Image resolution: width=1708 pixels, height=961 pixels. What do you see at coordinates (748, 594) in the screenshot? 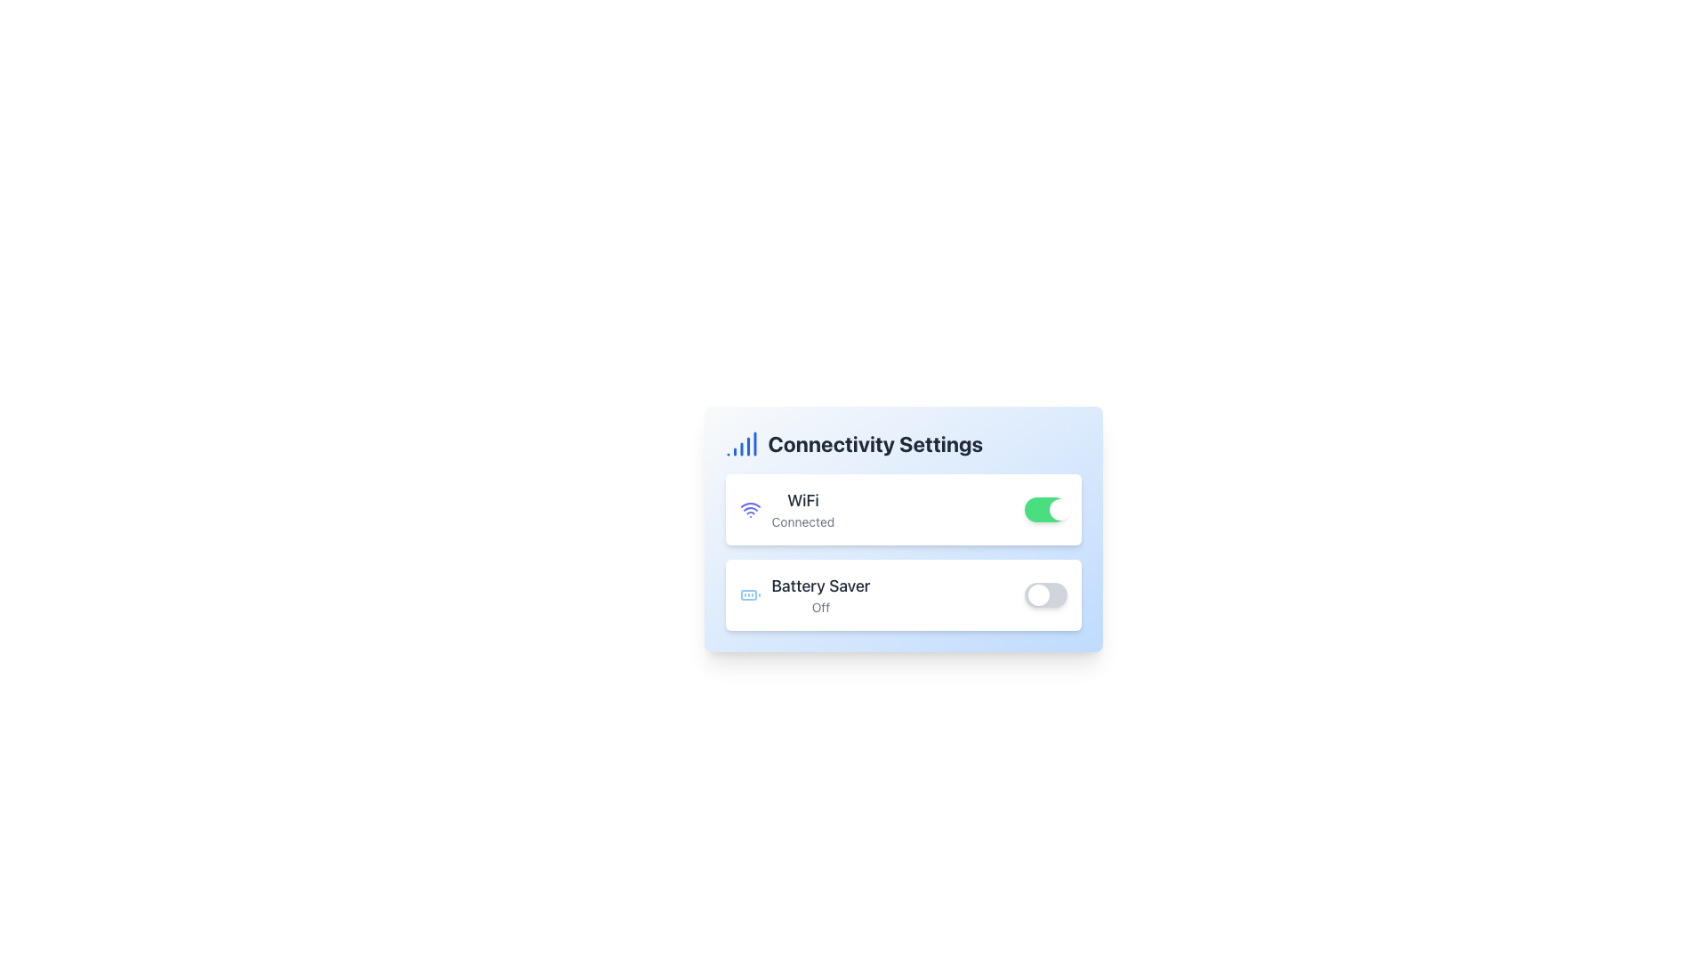
I see `the decorative rectangle that forms the main body of the battery icon located adjacent to the 'Battery Saver' text in the settings panel` at bounding box center [748, 594].